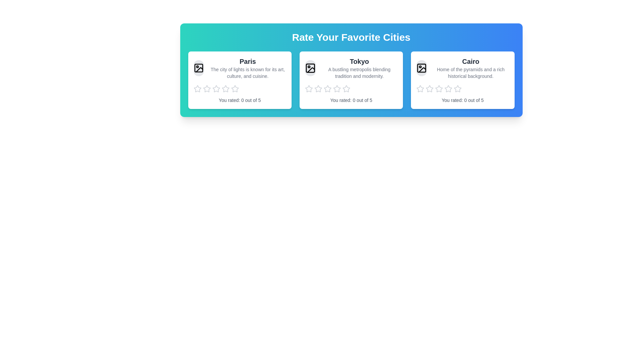 This screenshot has height=361, width=642. What do you see at coordinates (235, 88) in the screenshot?
I see `the fourth star-shaped Rating icon in the 'Paris' card, which is styled with a hollow outline and light gray color, indicating an inactive state` at bounding box center [235, 88].